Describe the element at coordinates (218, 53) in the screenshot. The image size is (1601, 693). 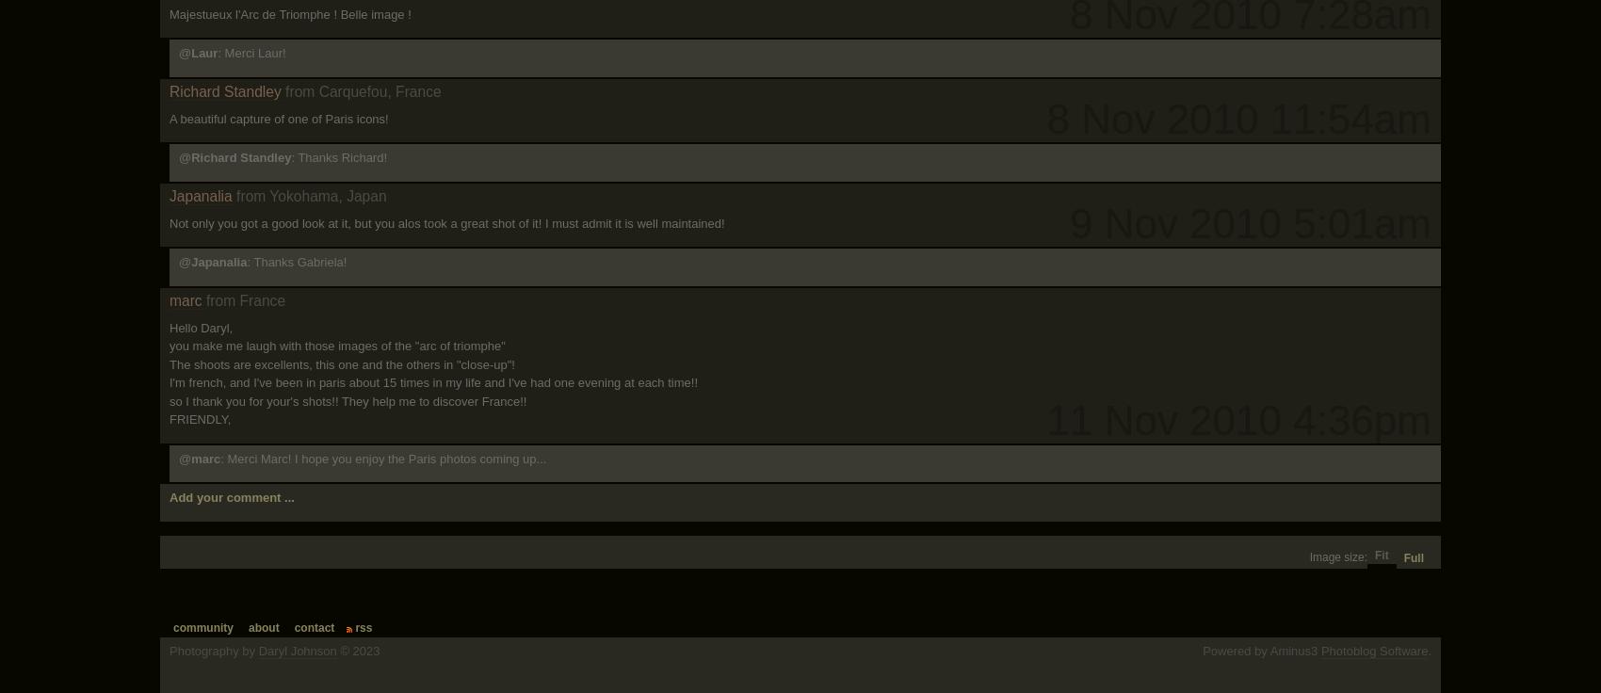
I see `': Merci Laur!'` at that location.